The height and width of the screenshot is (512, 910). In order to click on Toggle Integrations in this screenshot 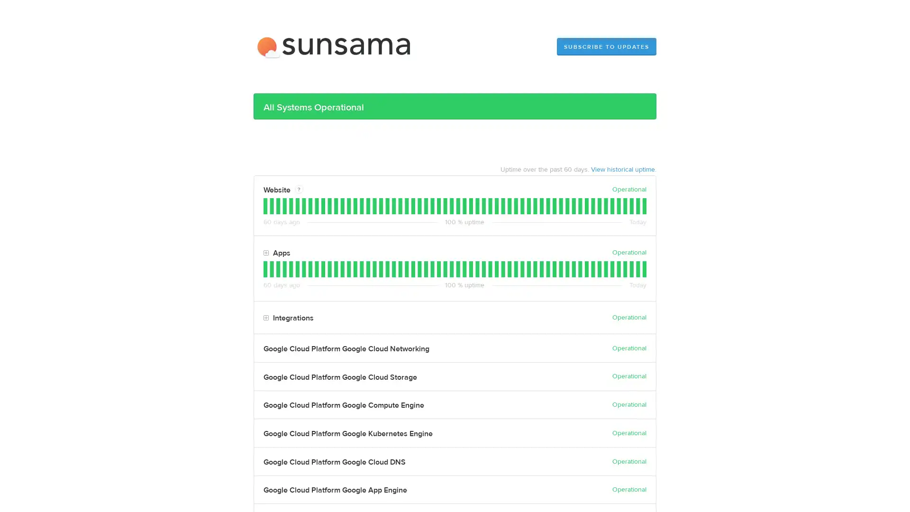, I will do `click(265, 318)`.